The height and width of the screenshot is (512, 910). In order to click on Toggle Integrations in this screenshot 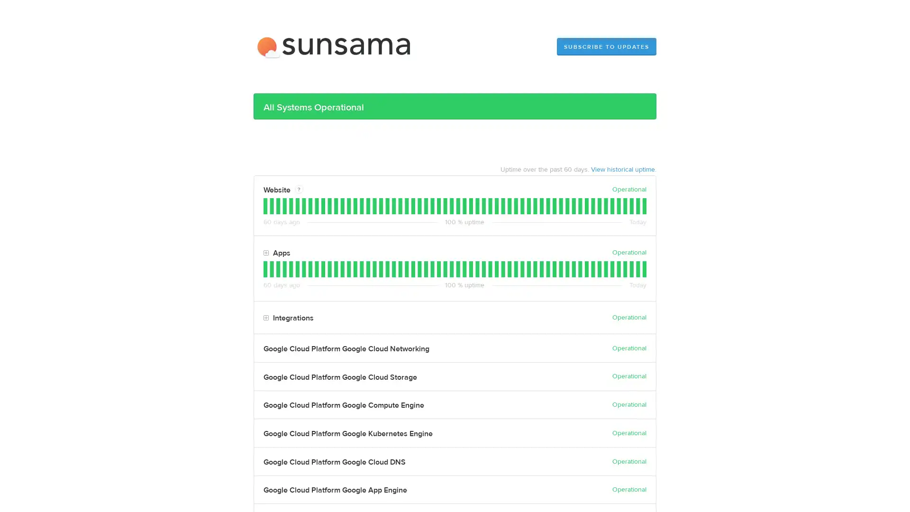, I will do `click(265, 318)`.